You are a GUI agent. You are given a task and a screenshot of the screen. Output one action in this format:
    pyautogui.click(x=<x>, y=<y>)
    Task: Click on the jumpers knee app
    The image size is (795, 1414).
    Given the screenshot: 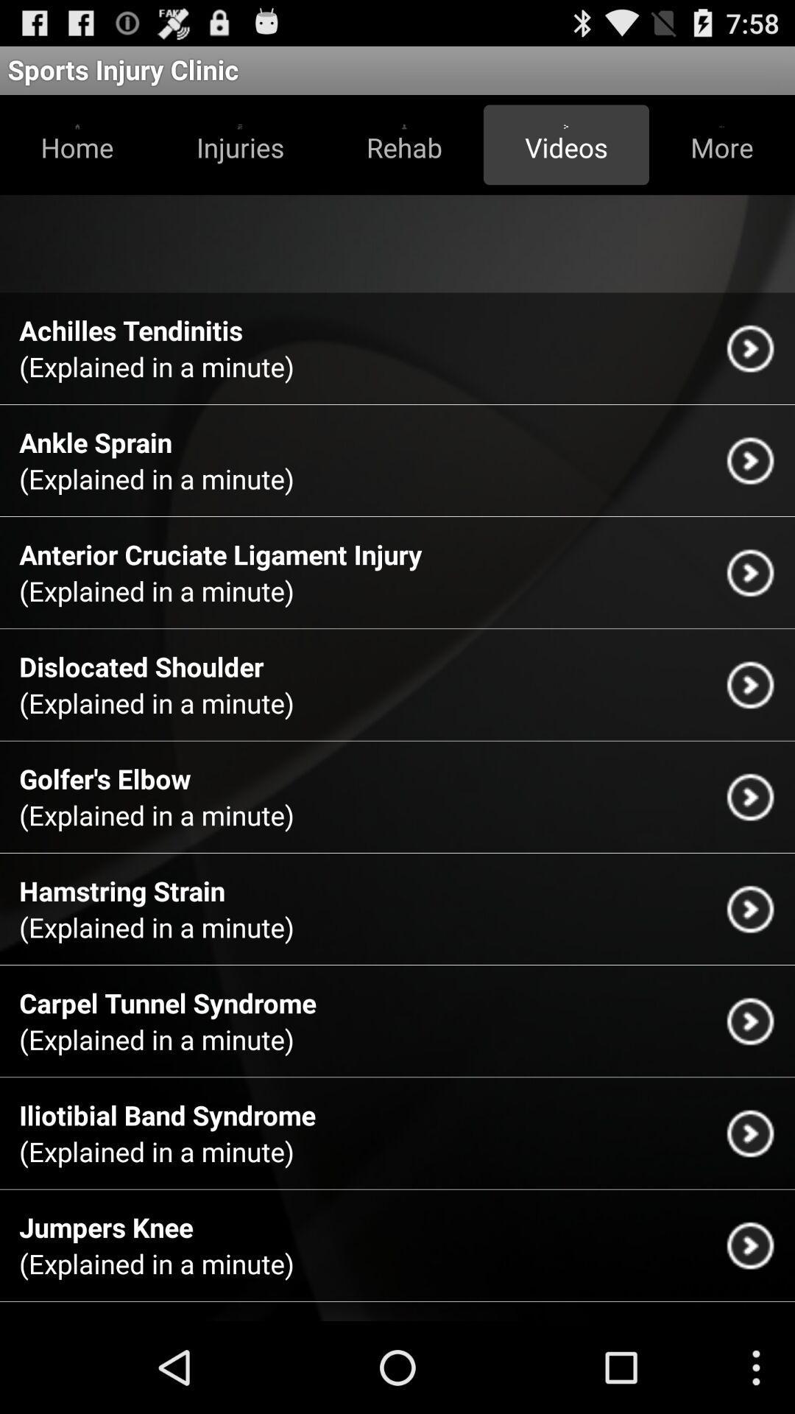 What is the action you would take?
    pyautogui.click(x=105, y=1227)
    